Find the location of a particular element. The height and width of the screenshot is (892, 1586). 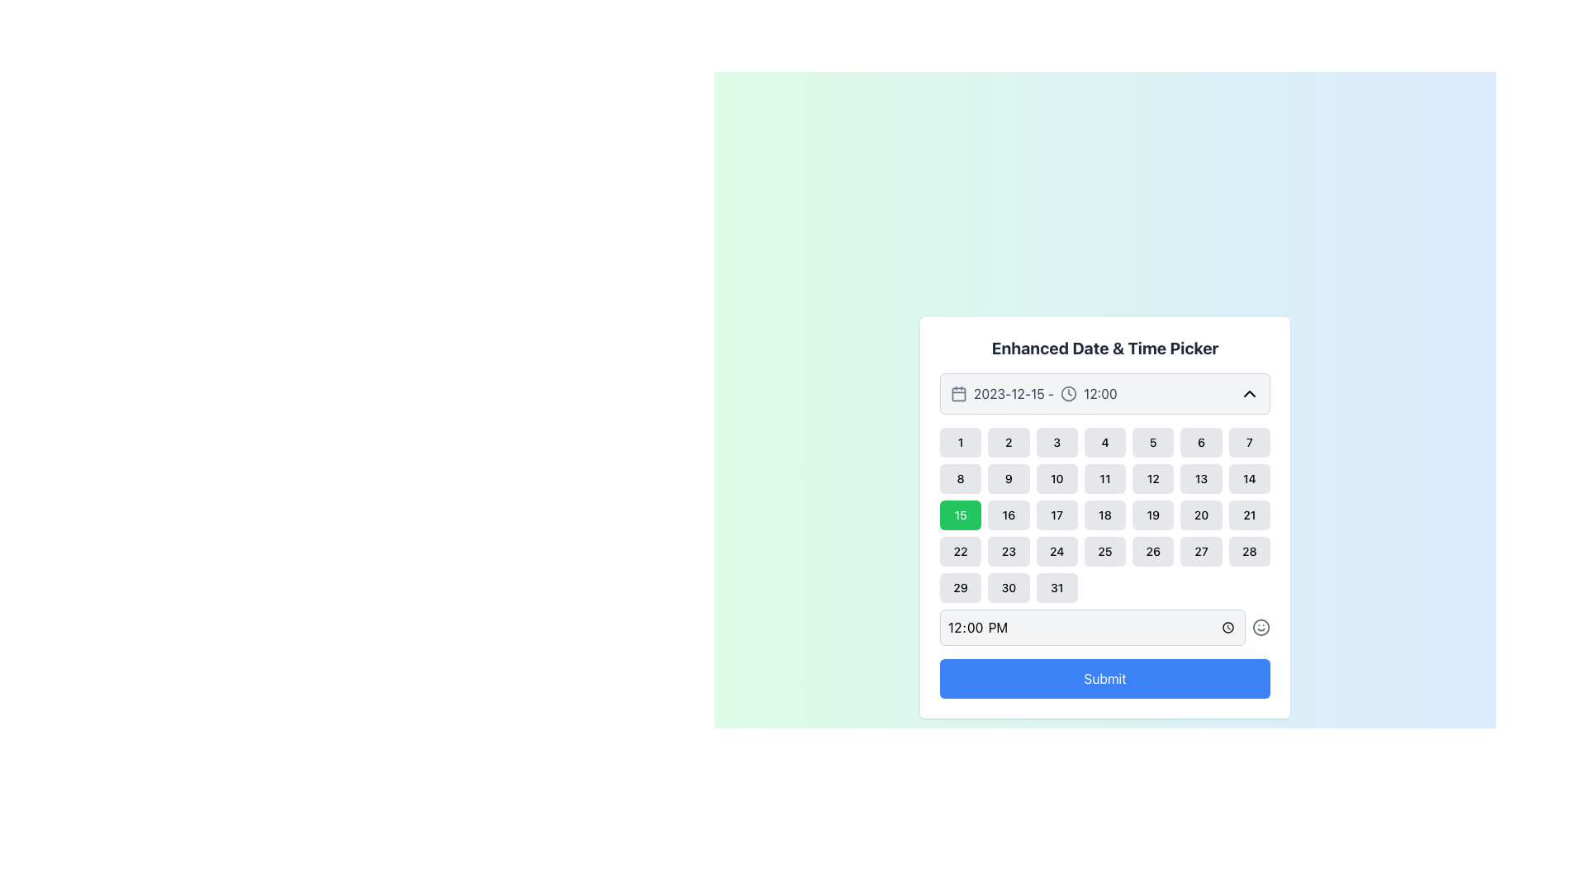

the green button displaying the number '15' is located at coordinates (961, 515).